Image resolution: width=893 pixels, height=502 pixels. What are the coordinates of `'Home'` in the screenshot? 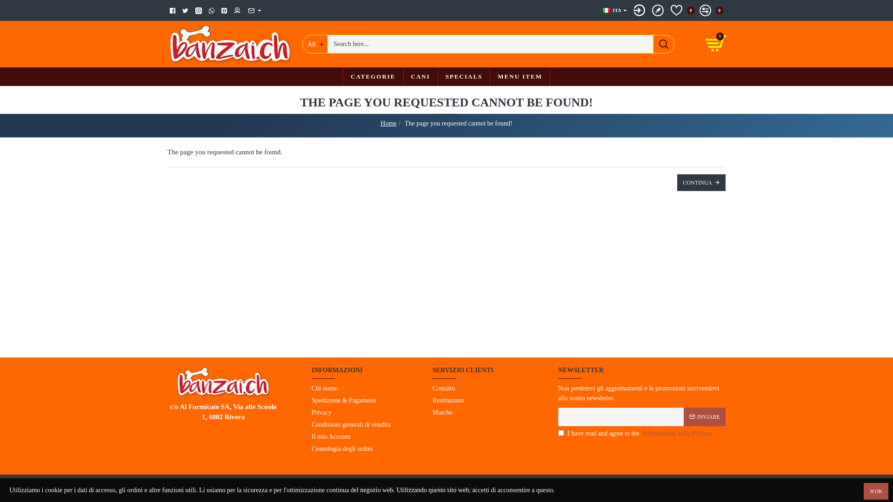 It's located at (380, 123).